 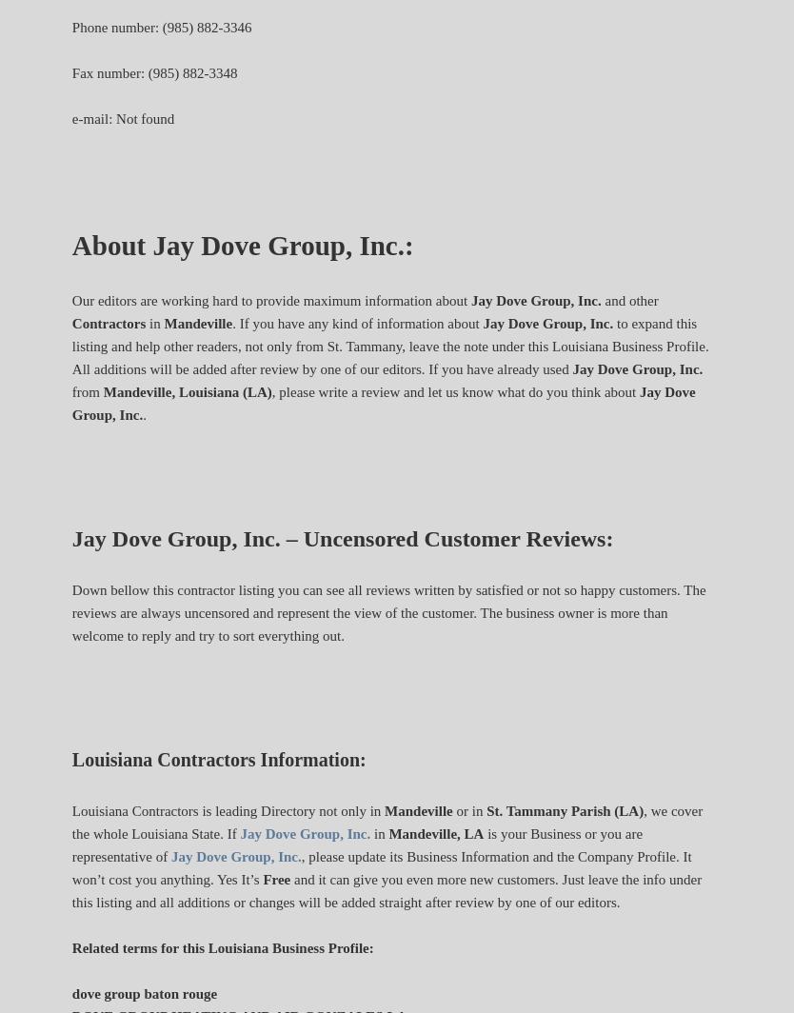 What do you see at coordinates (69, 391) in the screenshot?
I see `'from'` at bounding box center [69, 391].